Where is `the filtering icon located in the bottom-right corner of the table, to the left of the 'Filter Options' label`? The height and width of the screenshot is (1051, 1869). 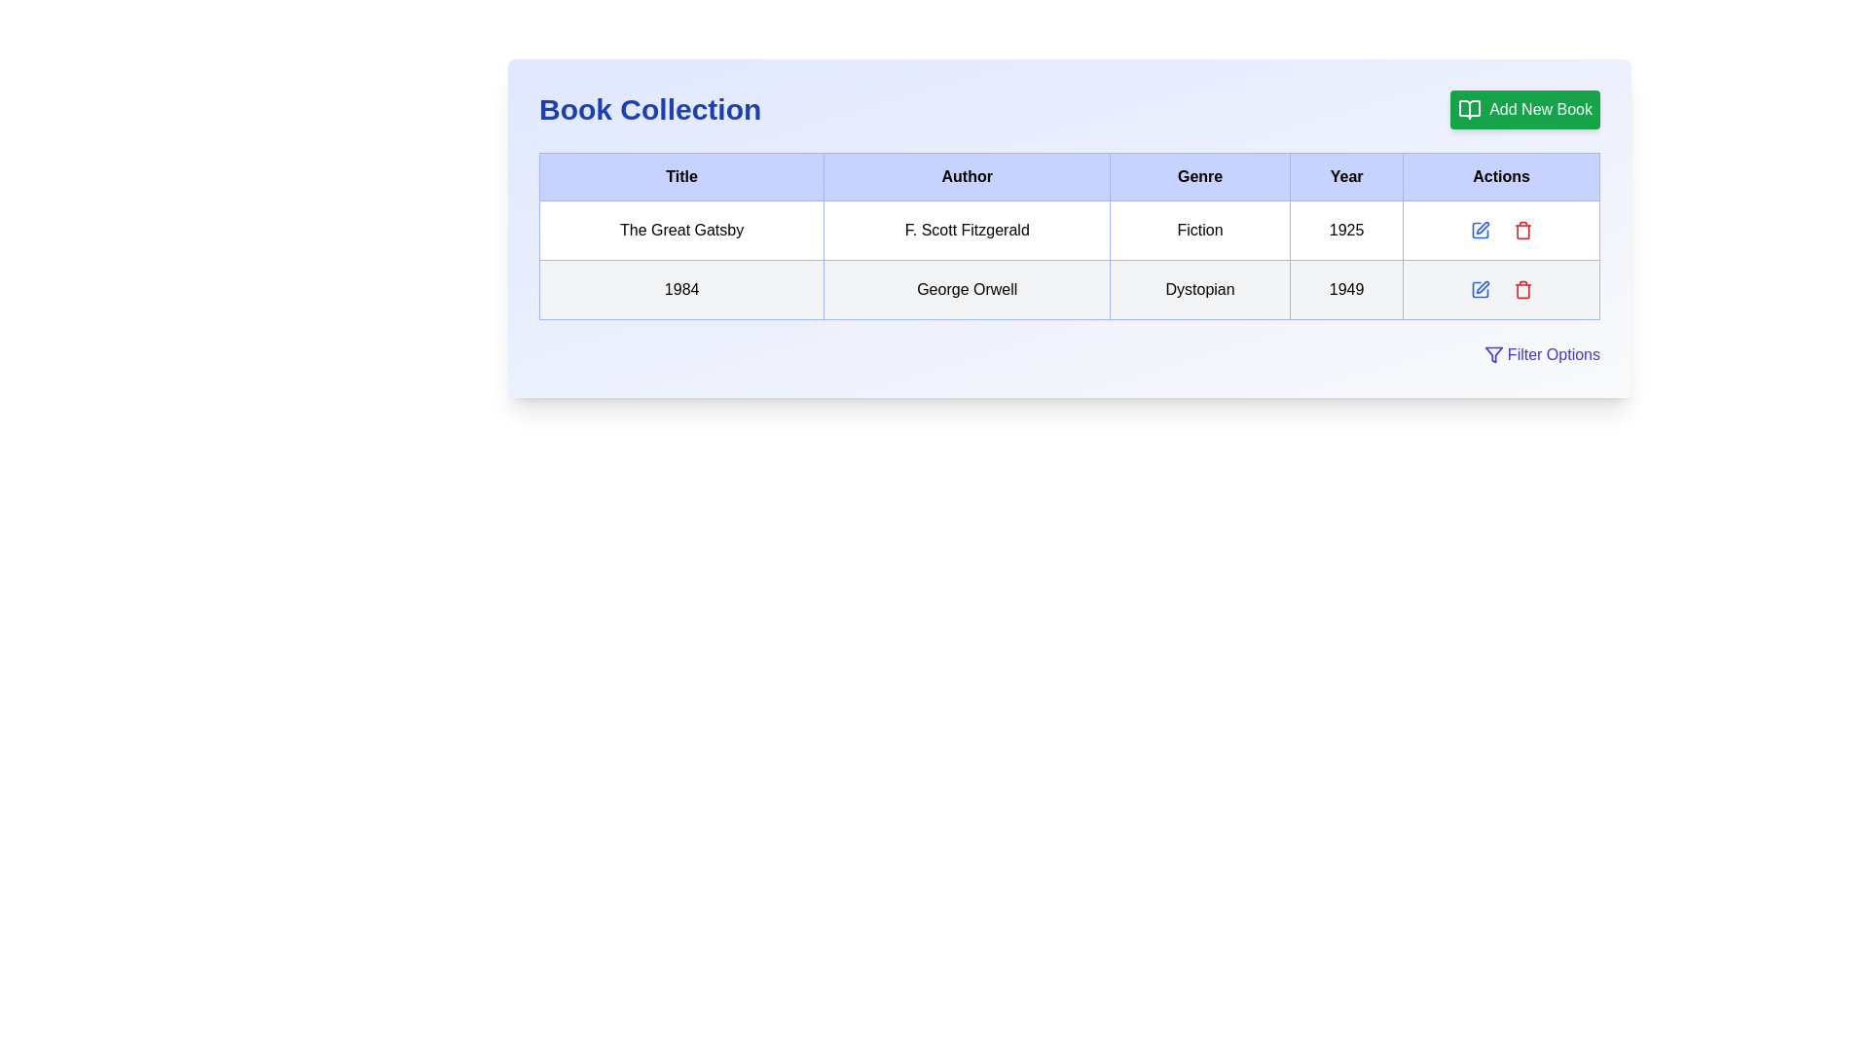 the filtering icon located in the bottom-right corner of the table, to the left of the 'Filter Options' label is located at coordinates (1492, 355).